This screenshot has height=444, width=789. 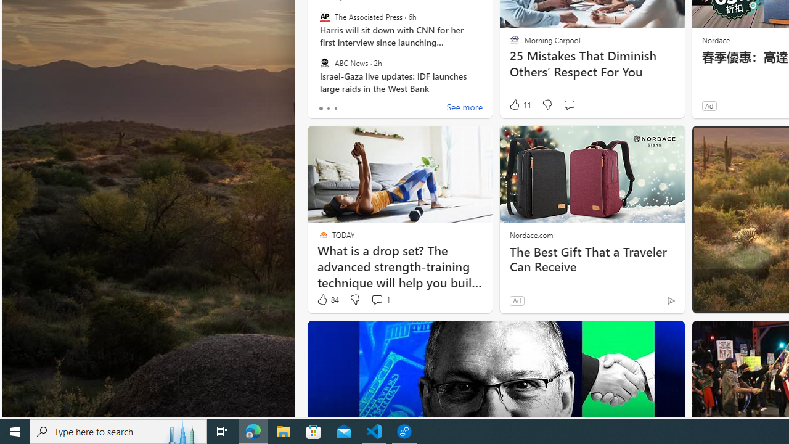 What do you see at coordinates (327, 300) in the screenshot?
I see `'84 Like'` at bounding box center [327, 300].